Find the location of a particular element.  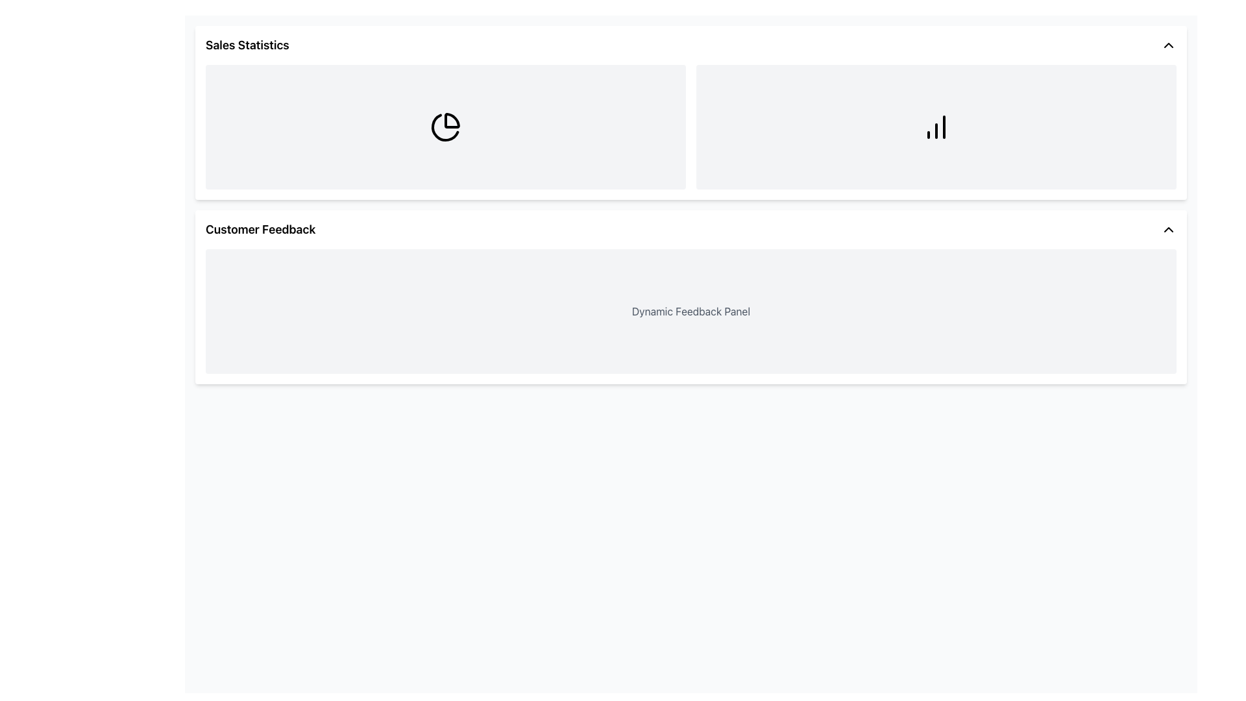

the header text element labeled 'Sales Statistics', which is prominently displayed in bold typography at the top left corner of its section panel is located at coordinates (247, 44).